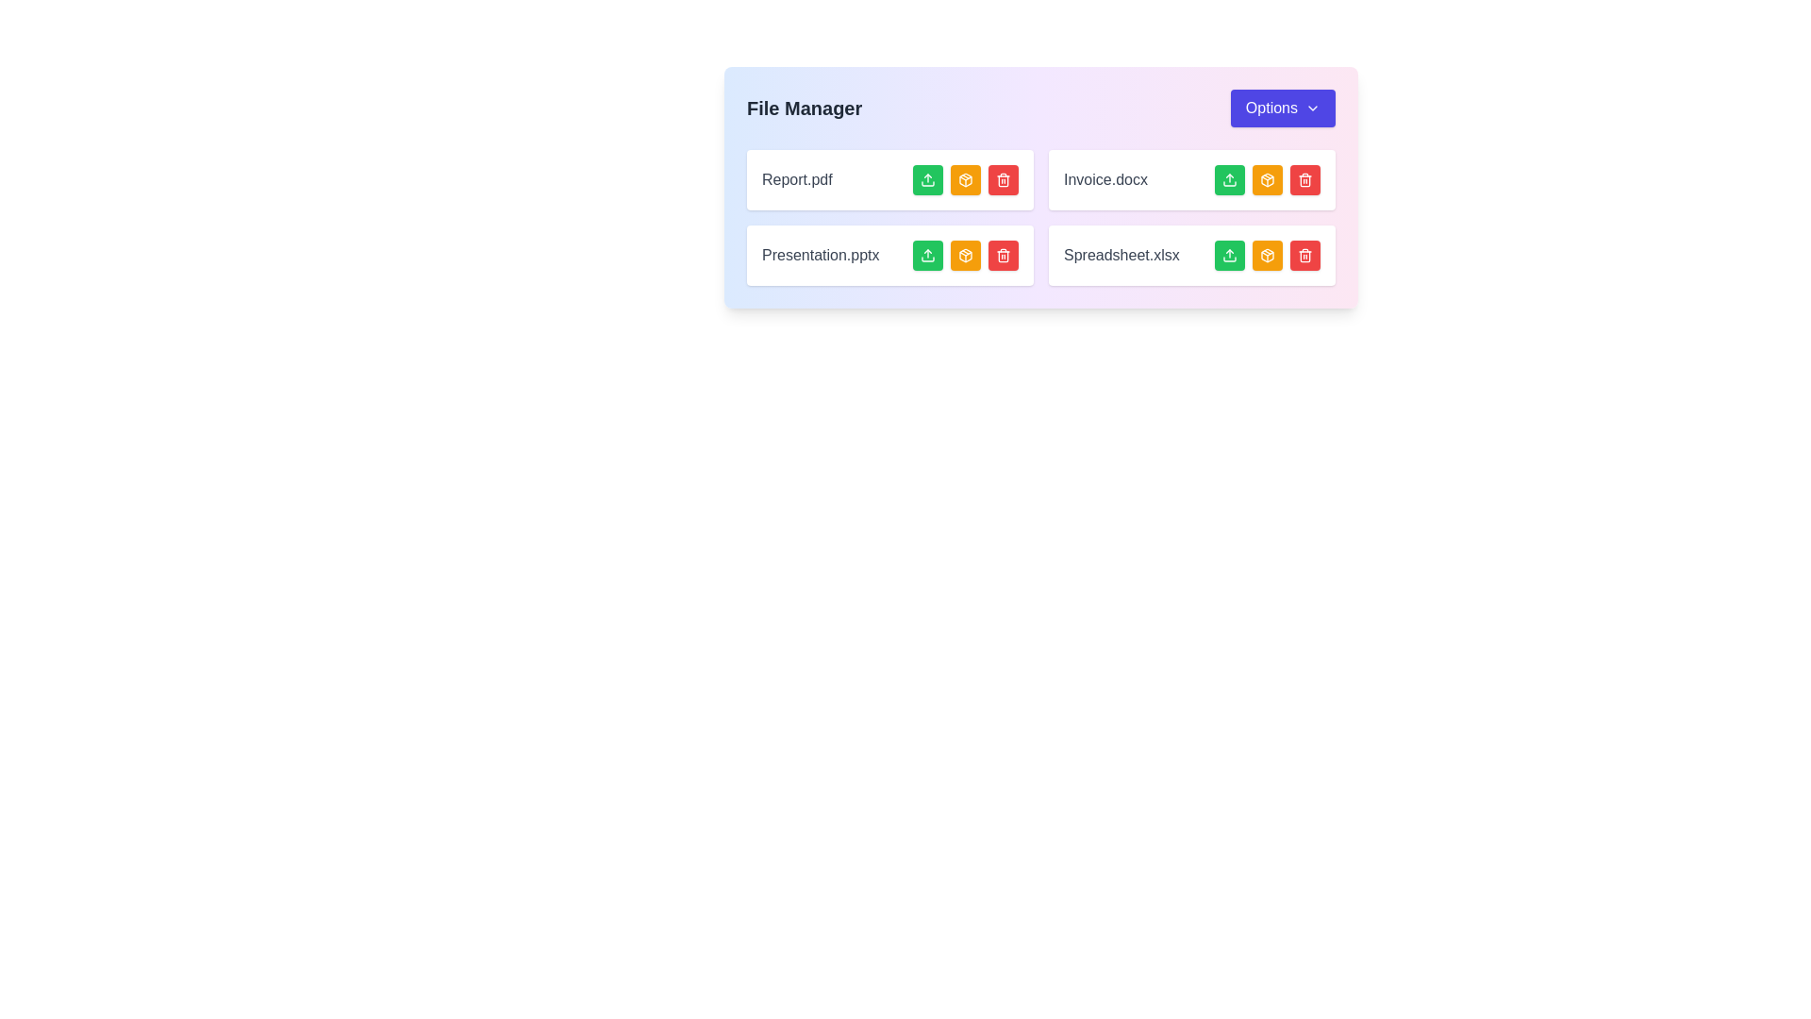  I want to click on the amber square button with a package icon located between the green upload button and the red delete button associated with the file 'Invoice.docx', so click(1268, 180).